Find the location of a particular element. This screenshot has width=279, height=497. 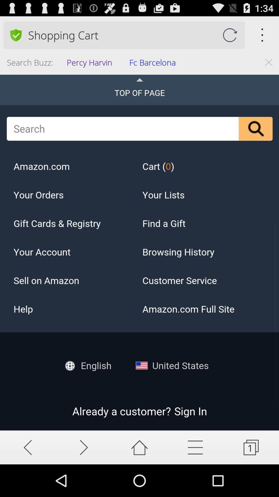

fc barcelona app is located at coordinates (154, 64).